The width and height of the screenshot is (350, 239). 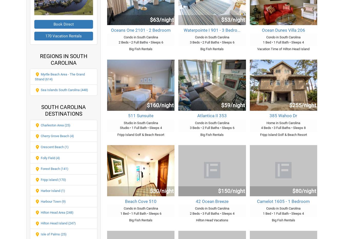 What do you see at coordinates (215, 147) in the screenshot?
I see `'Plum Island 2 Bedroom Home Rental'` at bounding box center [215, 147].